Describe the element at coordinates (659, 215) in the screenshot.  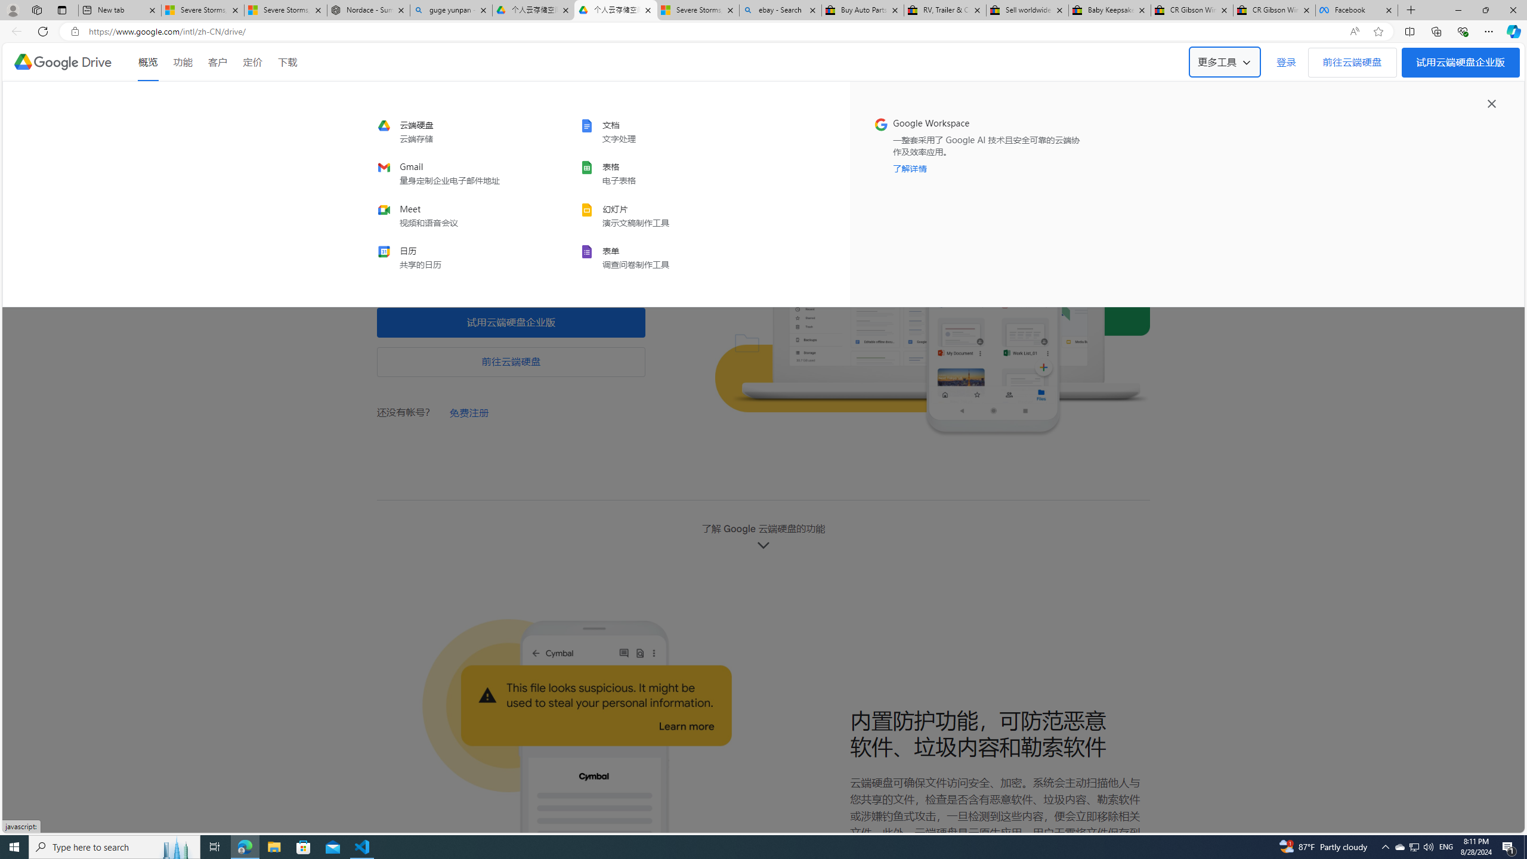
I see `'slides'` at that location.